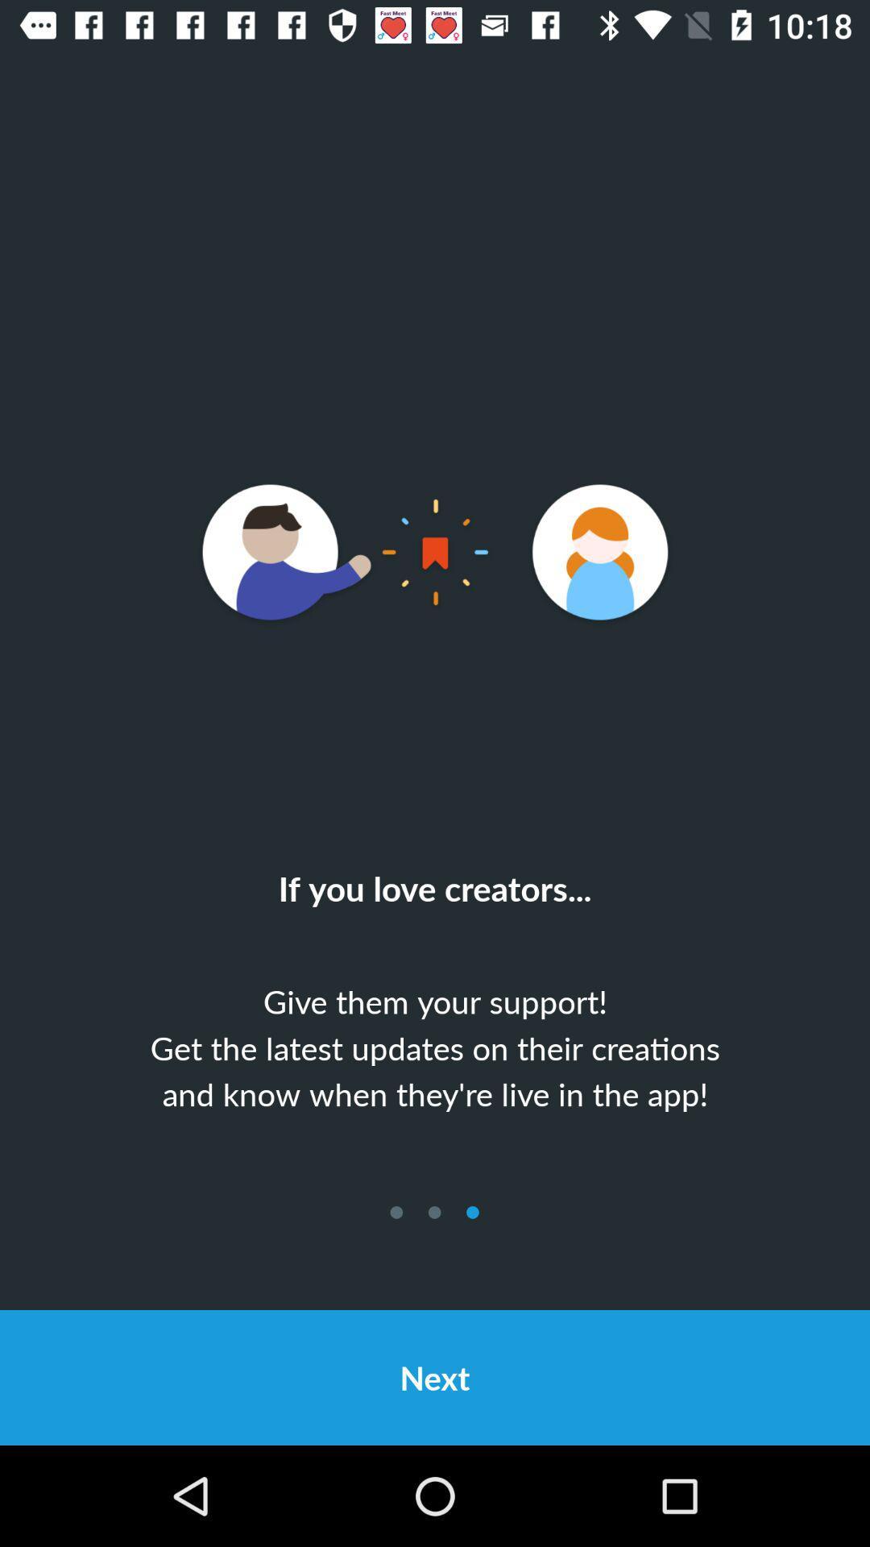  I want to click on the next item, so click(435, 1376).